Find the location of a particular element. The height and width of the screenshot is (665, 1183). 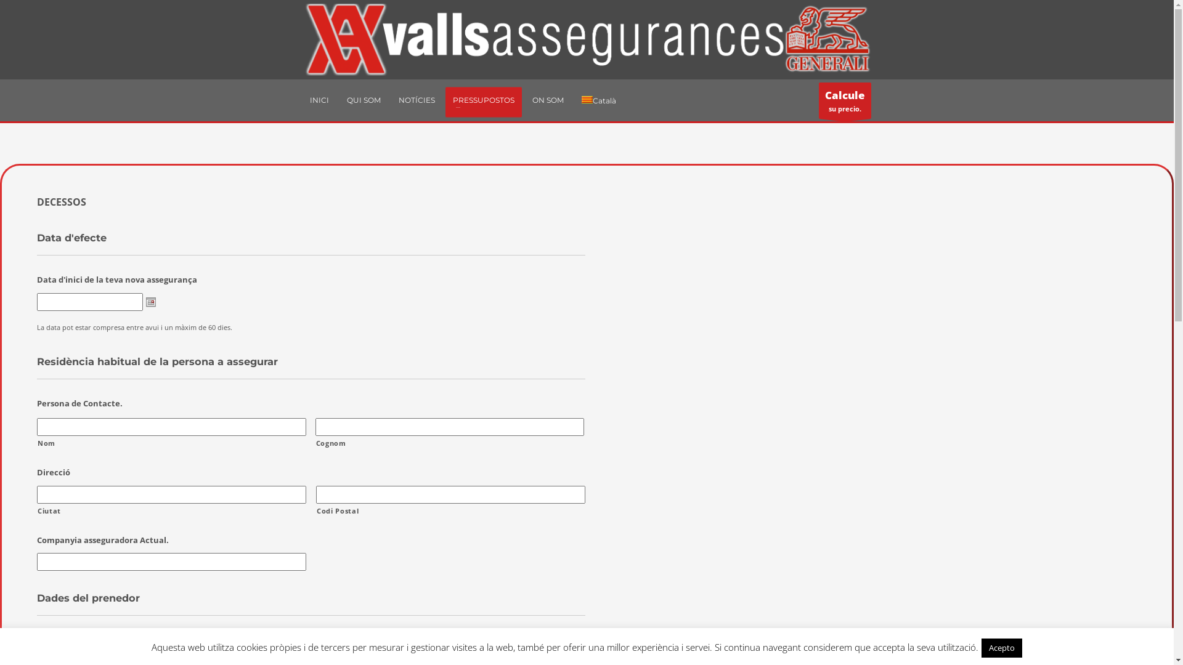

'Calcule is located at coordinates (844, 100).